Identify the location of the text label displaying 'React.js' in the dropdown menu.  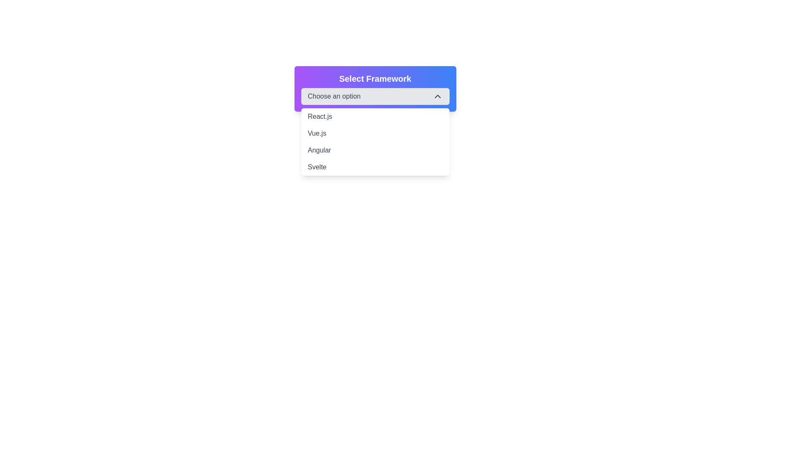
(319, 117).